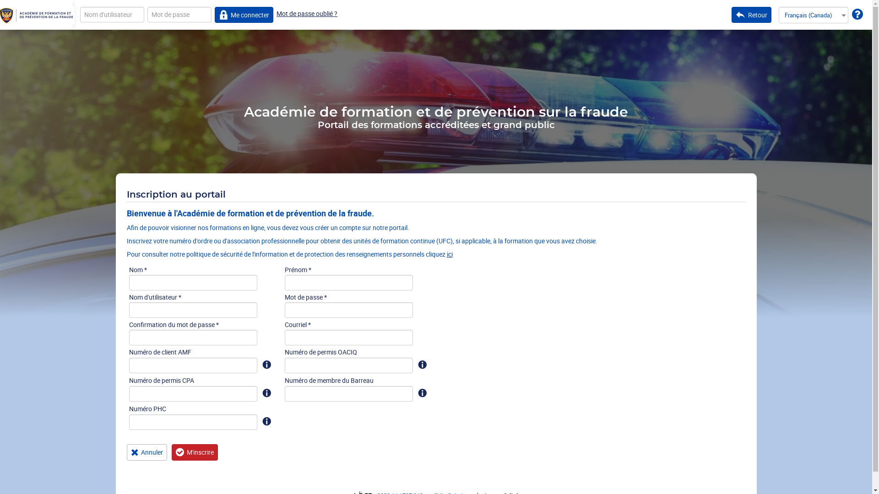  I want to click on 'Annuler', so click(146, 451).